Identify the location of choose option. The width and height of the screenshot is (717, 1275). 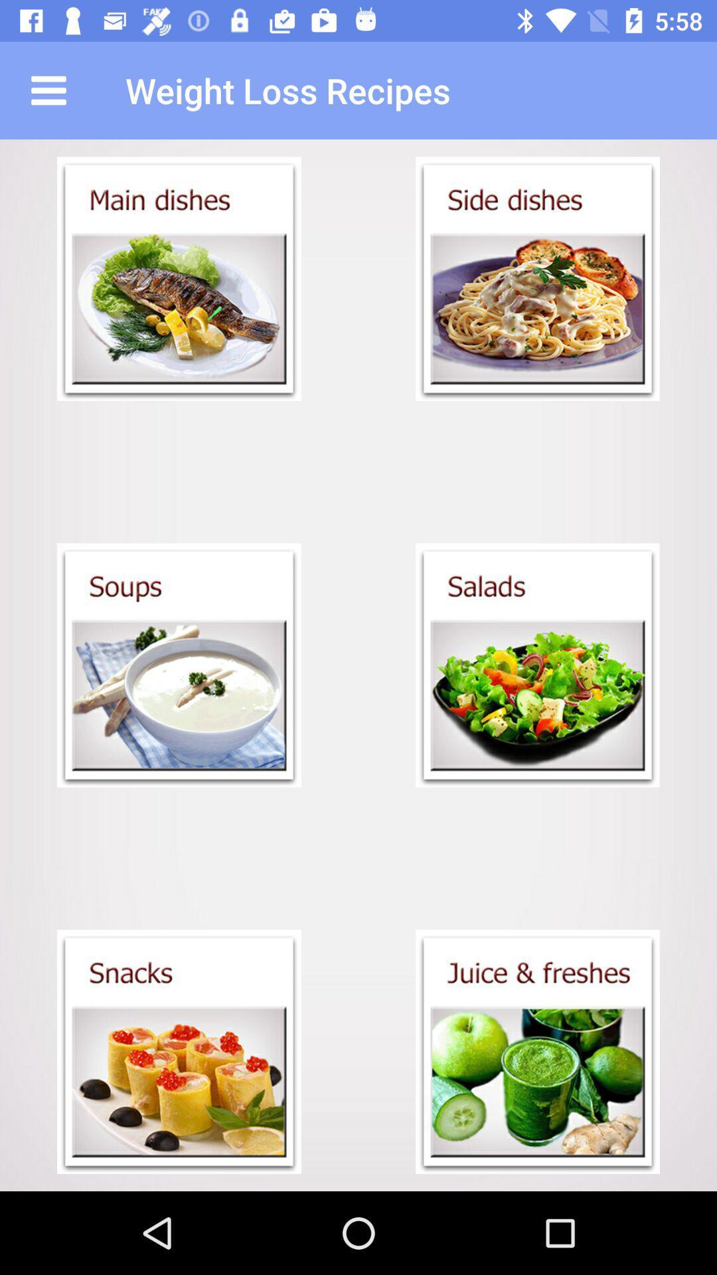
(538, 665).